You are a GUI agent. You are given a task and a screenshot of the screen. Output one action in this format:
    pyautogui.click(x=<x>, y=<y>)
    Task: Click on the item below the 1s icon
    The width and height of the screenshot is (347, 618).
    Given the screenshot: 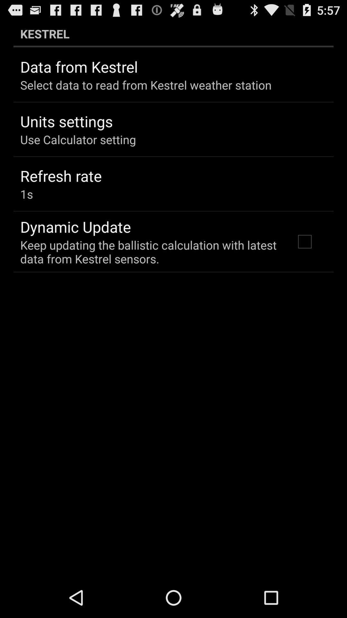 What is the action you would take?
    pyautogui.click(x=75, y=227)
    